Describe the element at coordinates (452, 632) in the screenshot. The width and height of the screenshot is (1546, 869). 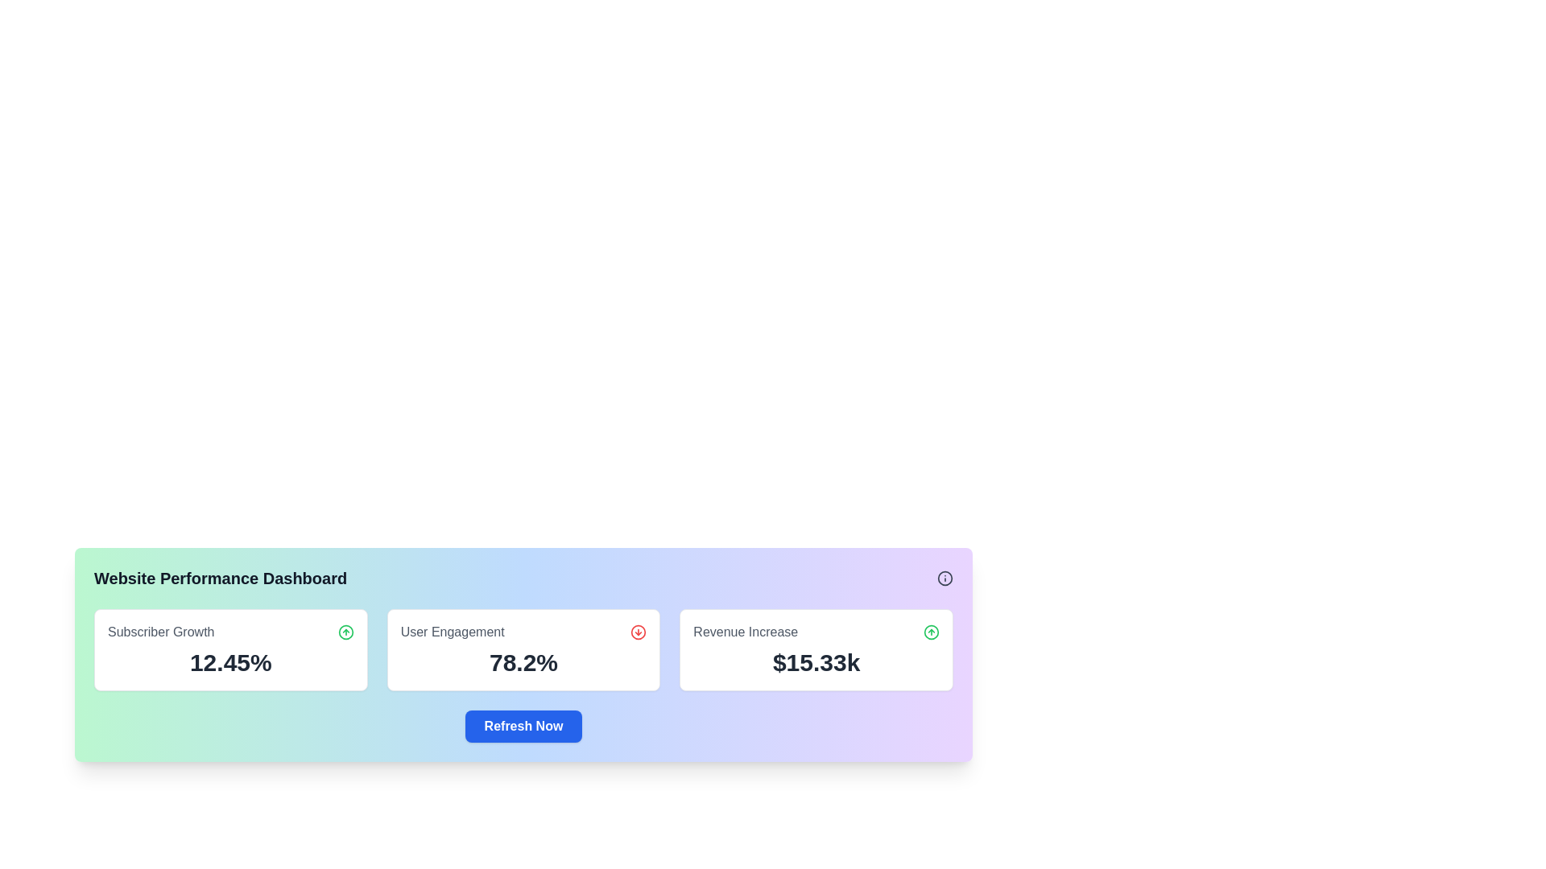
I see `the Text label that serves as a title for the statistics displayed below, located at the top of the center card in a three-card layout` at that location.